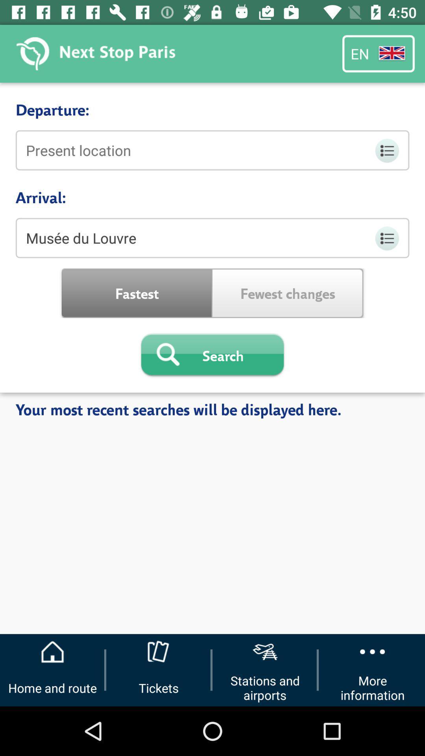  What do you see at coordinates (288, 293) in the screenshot?
I see `item above the search icon` at bounding box center [288, 293].